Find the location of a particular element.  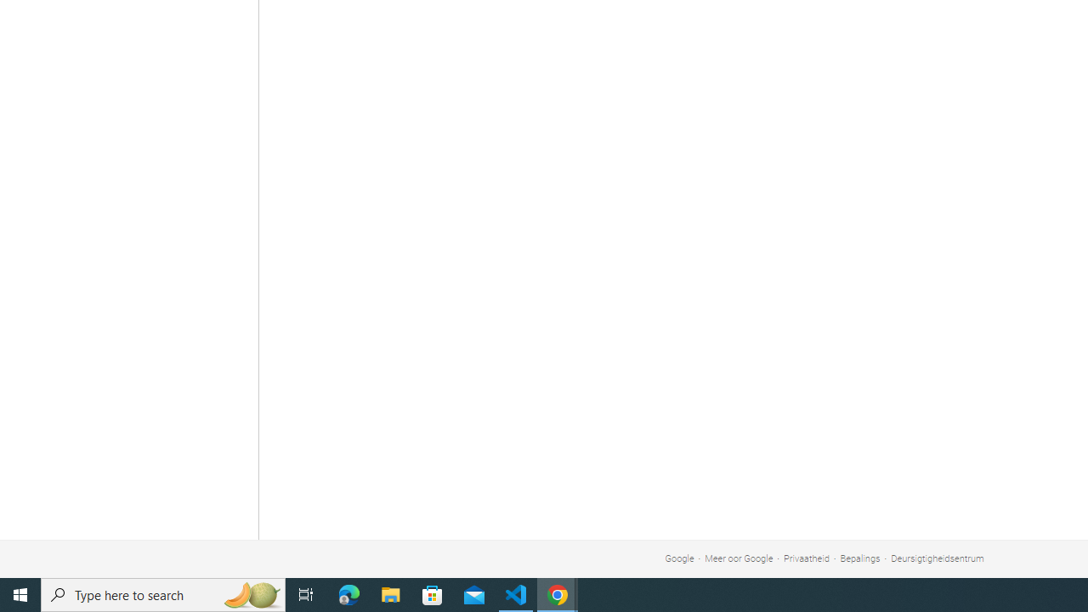

'Deursigtigheidsentrum' is located at coordinates (937, 558).